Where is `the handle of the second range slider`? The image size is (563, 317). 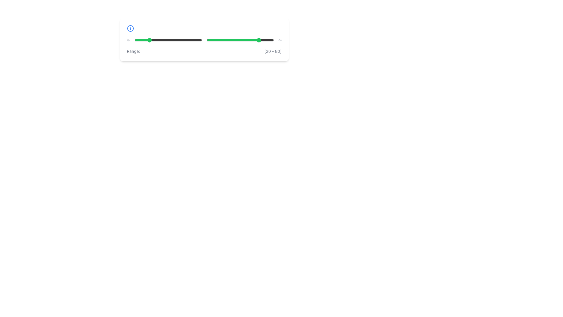
the handle of the second range slider is located at coordinates (240, 40).